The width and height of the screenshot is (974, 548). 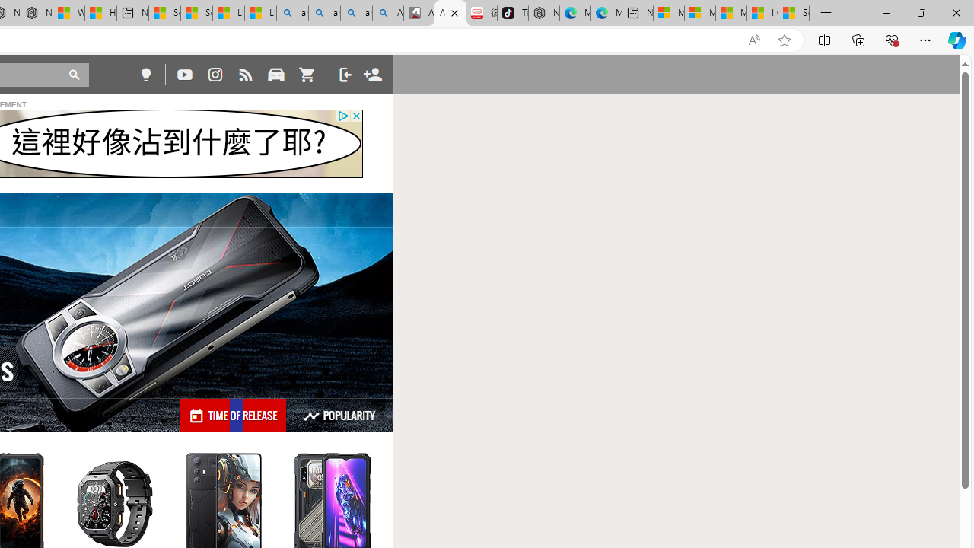 I want to click on 'Go', so click(x=75, y=75).